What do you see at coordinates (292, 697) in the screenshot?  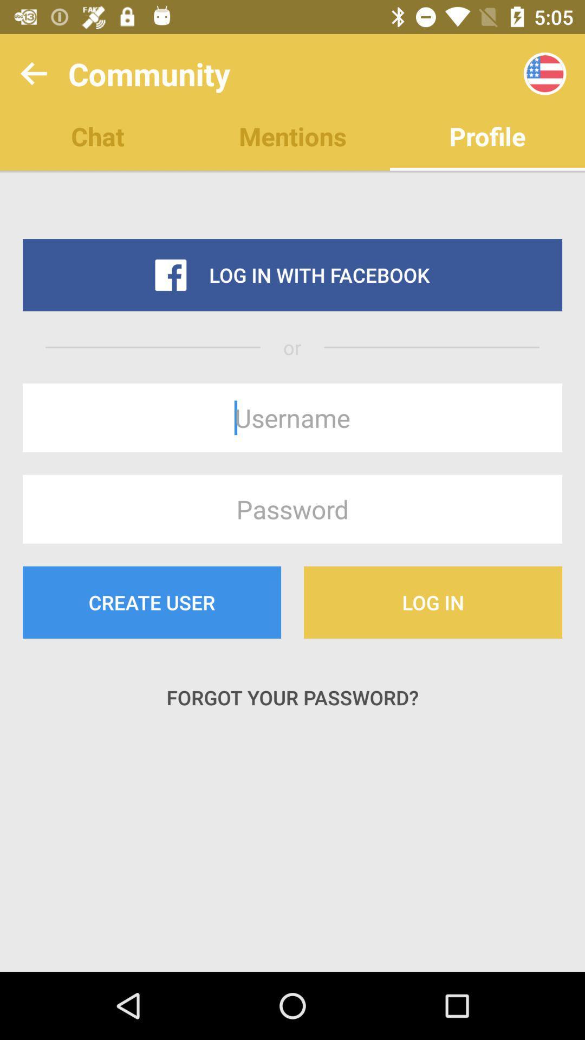 I see `forgot your password? item` at bounding box center [292, 697].